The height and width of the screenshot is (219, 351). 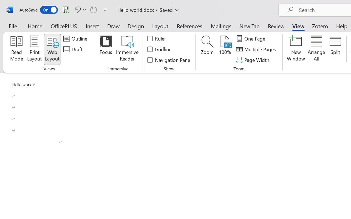 I want to click on 'Undo Paragraph Formatting', so click(x=79, y=9).